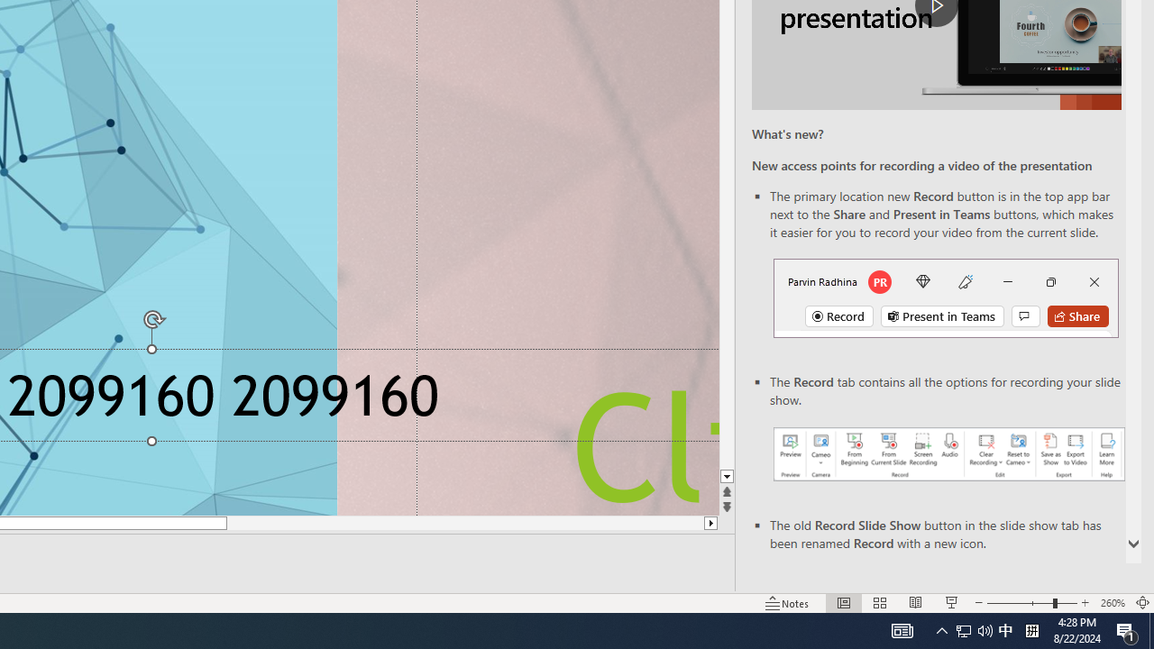 The width and height of the screenshot is (1154, 649). Describe the element at coordinates (948, 452) in the screenshot. I see `'Record your presentations screenshot one'` at that location.